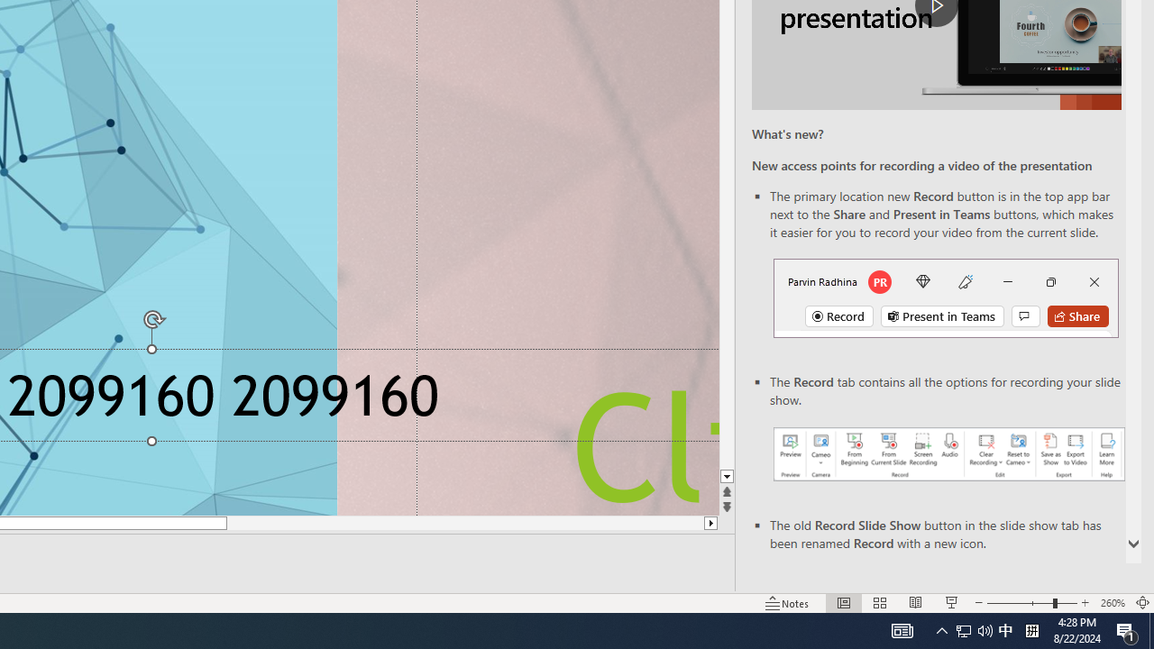 The width and height of the screenshot is (1154, 649). Describe the element at coordinates (948, 452) in the screenshot. I see `'Record your presentations screenshot one'` at that location.